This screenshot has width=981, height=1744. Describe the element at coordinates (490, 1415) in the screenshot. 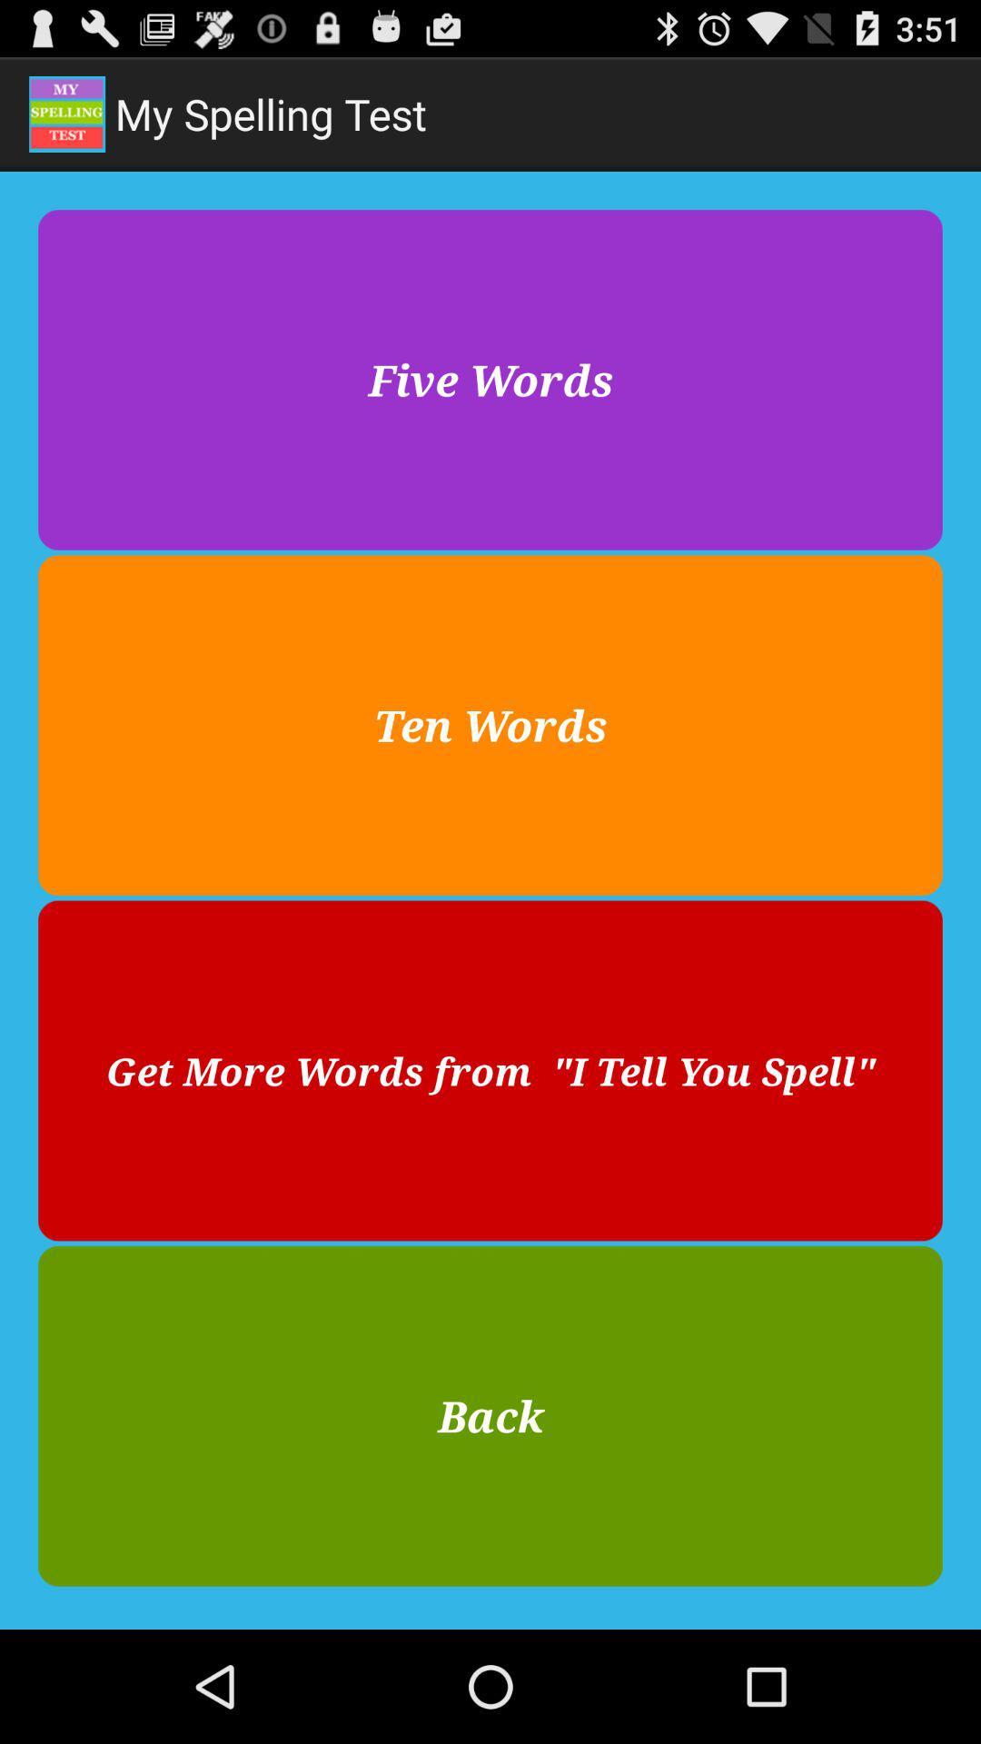

I see `item at the bottom` at that location.